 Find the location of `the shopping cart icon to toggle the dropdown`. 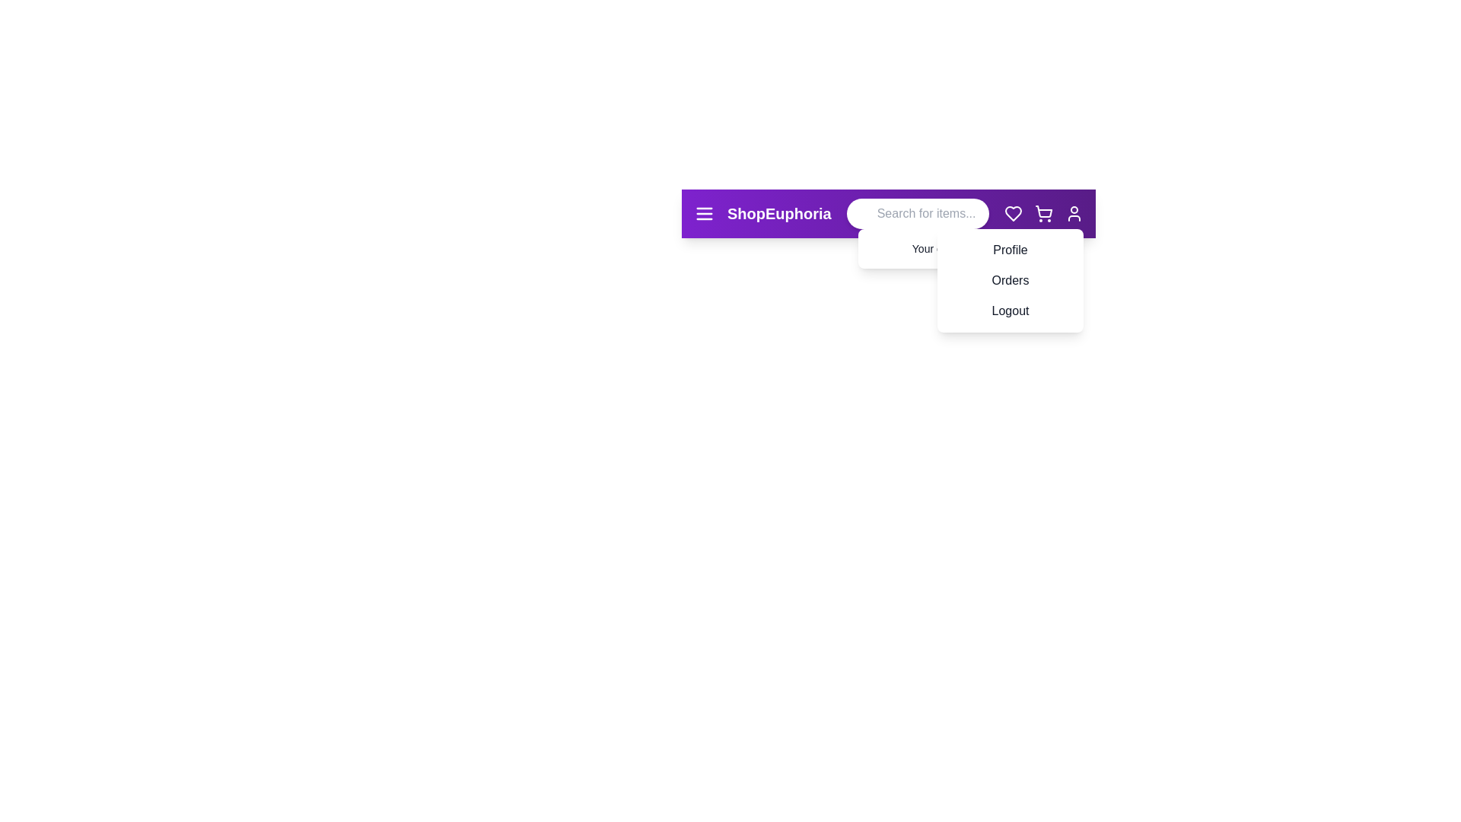

the shopping cart icon to toggle the dropdown is located at coordinates (1043, 214).